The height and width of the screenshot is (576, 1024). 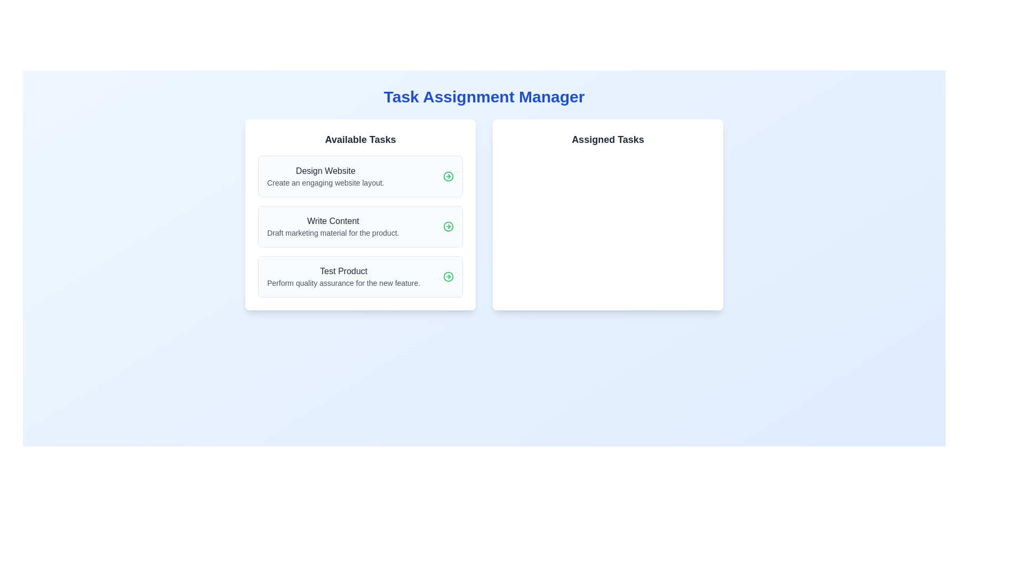 I want to click on the small green circular button with a right-pointing arrow located at the far right of the 'Test Product' task entry card, so click(x=448, y=276).